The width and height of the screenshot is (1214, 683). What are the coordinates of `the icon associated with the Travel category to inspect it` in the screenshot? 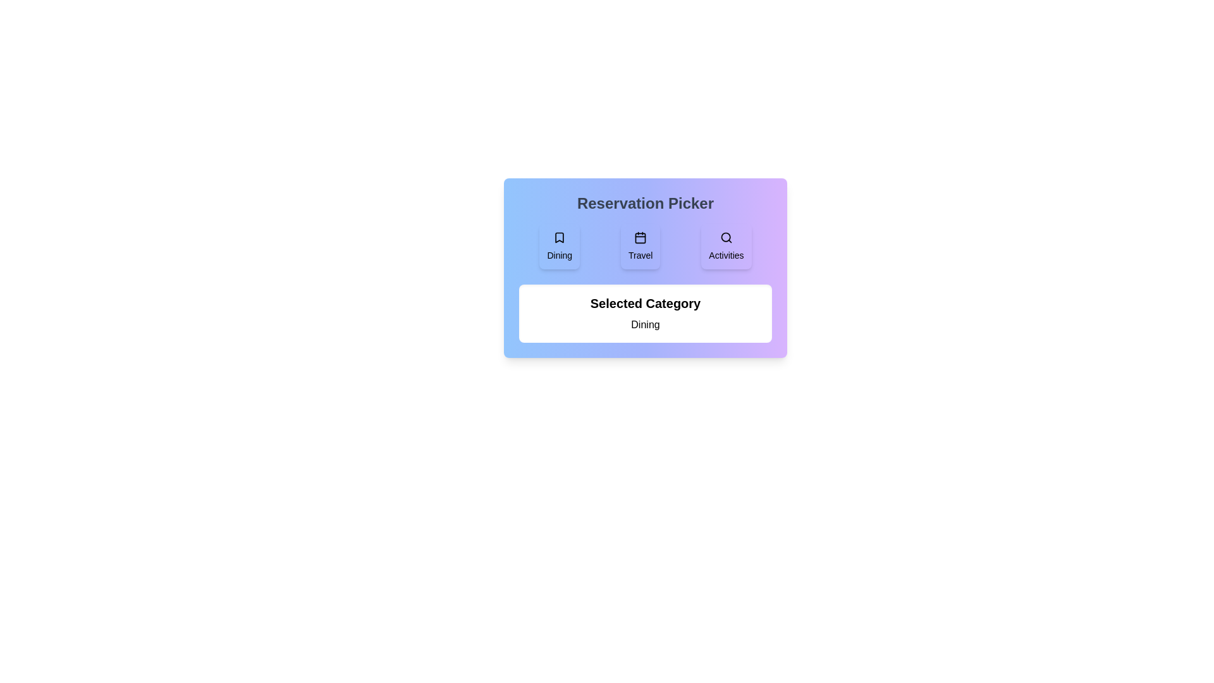 It's located at (641, 246).